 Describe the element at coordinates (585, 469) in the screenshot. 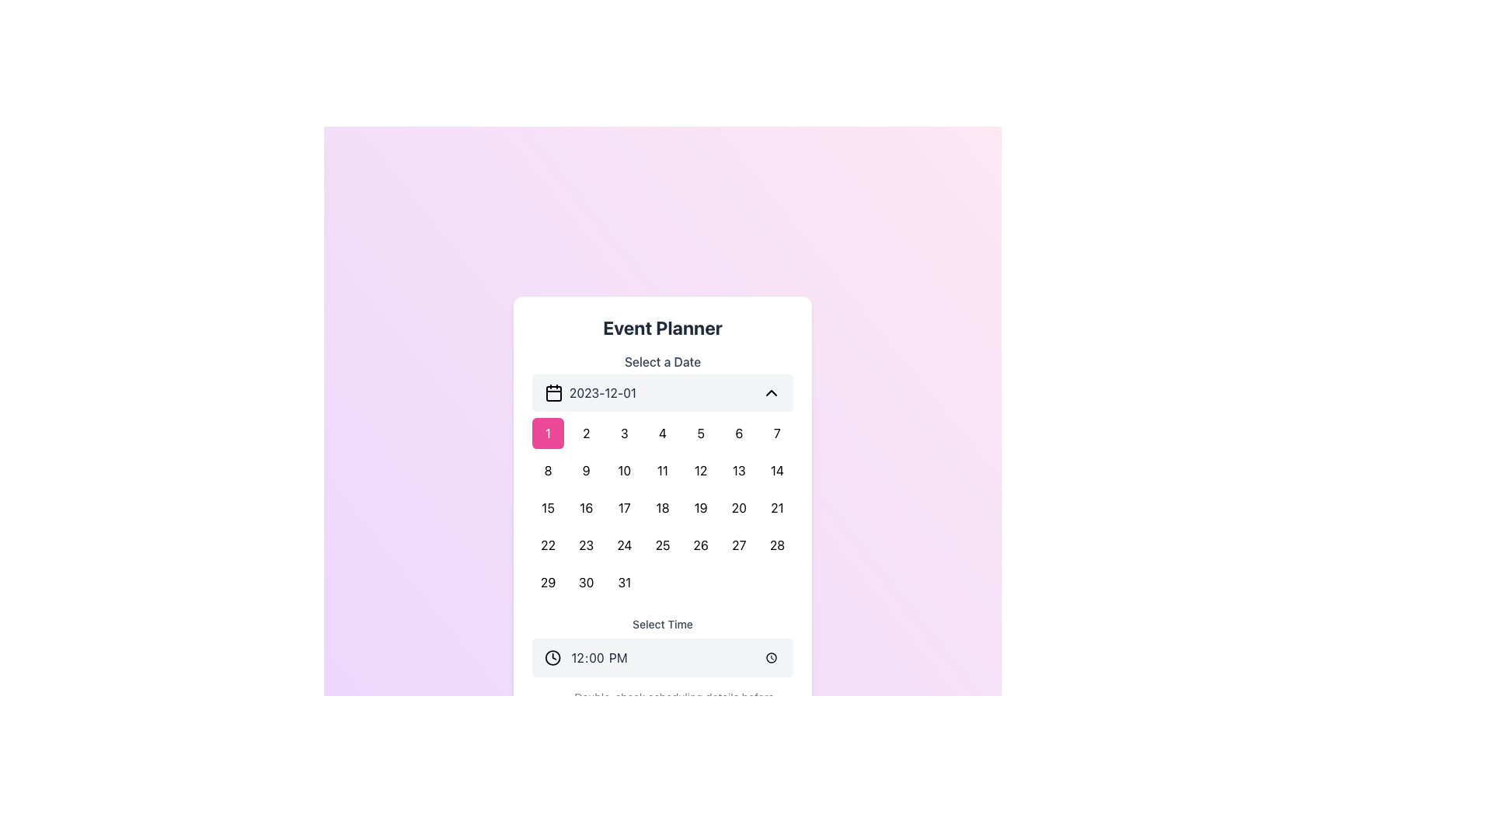

I see `the rounded rectangular button displaying the text '9' in the grid layout to observe hover effects` at that location.